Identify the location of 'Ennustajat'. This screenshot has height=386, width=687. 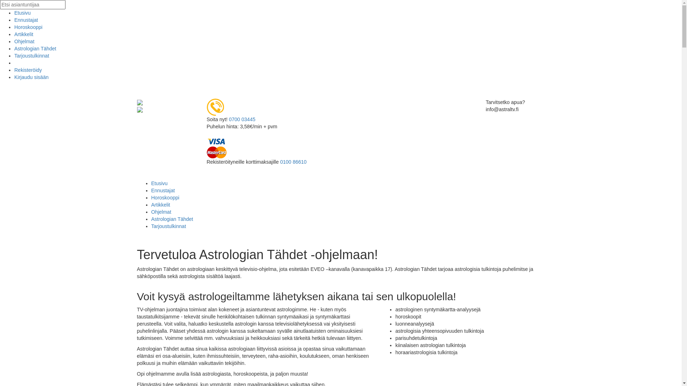
(151, 190).